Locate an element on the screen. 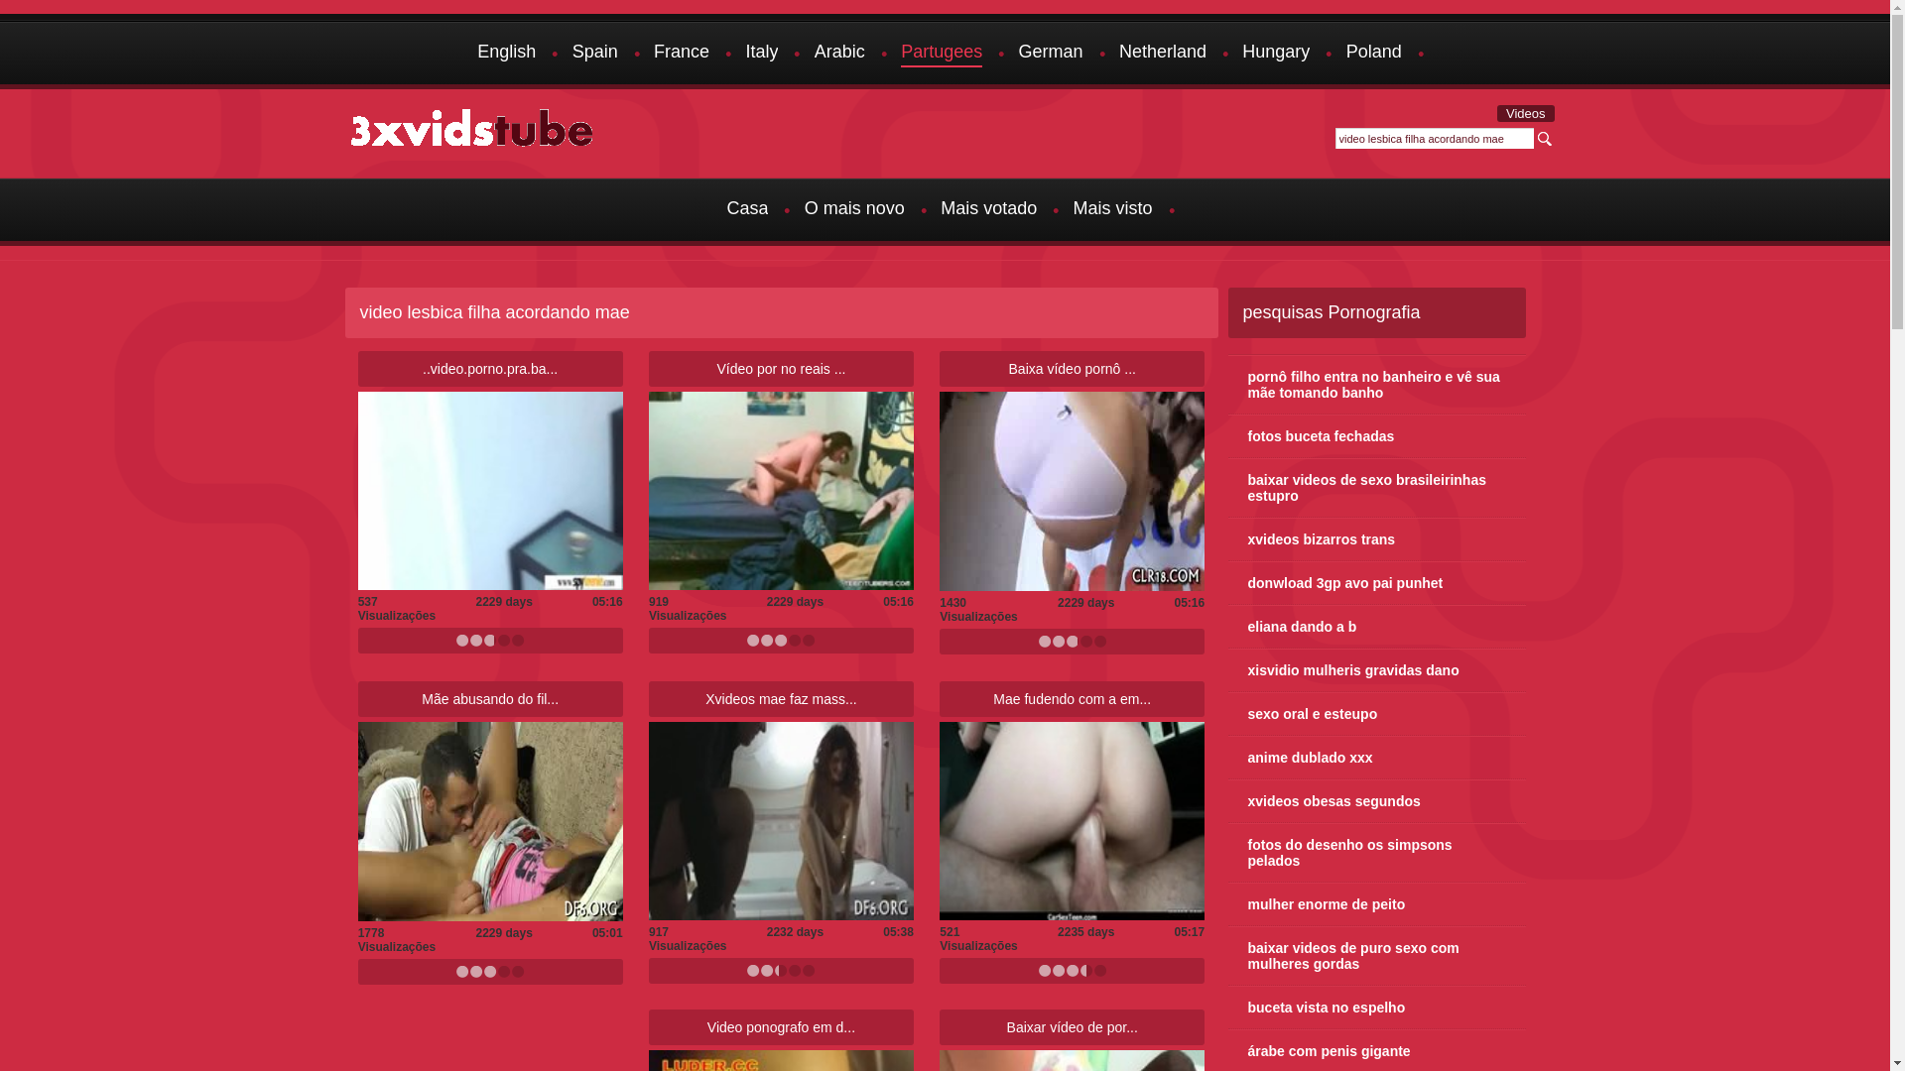 This screenshot has width=1905, height=1071. 'Mais visto' is located at coordinates (1113, 210).